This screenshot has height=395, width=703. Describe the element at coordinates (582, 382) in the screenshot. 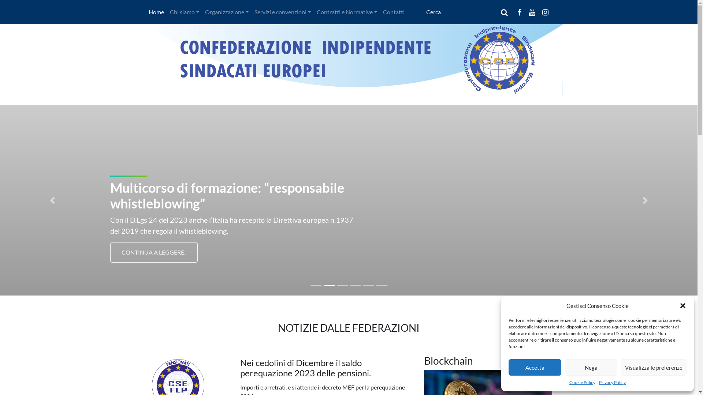

I see `'Cookie Policy'` at that location.